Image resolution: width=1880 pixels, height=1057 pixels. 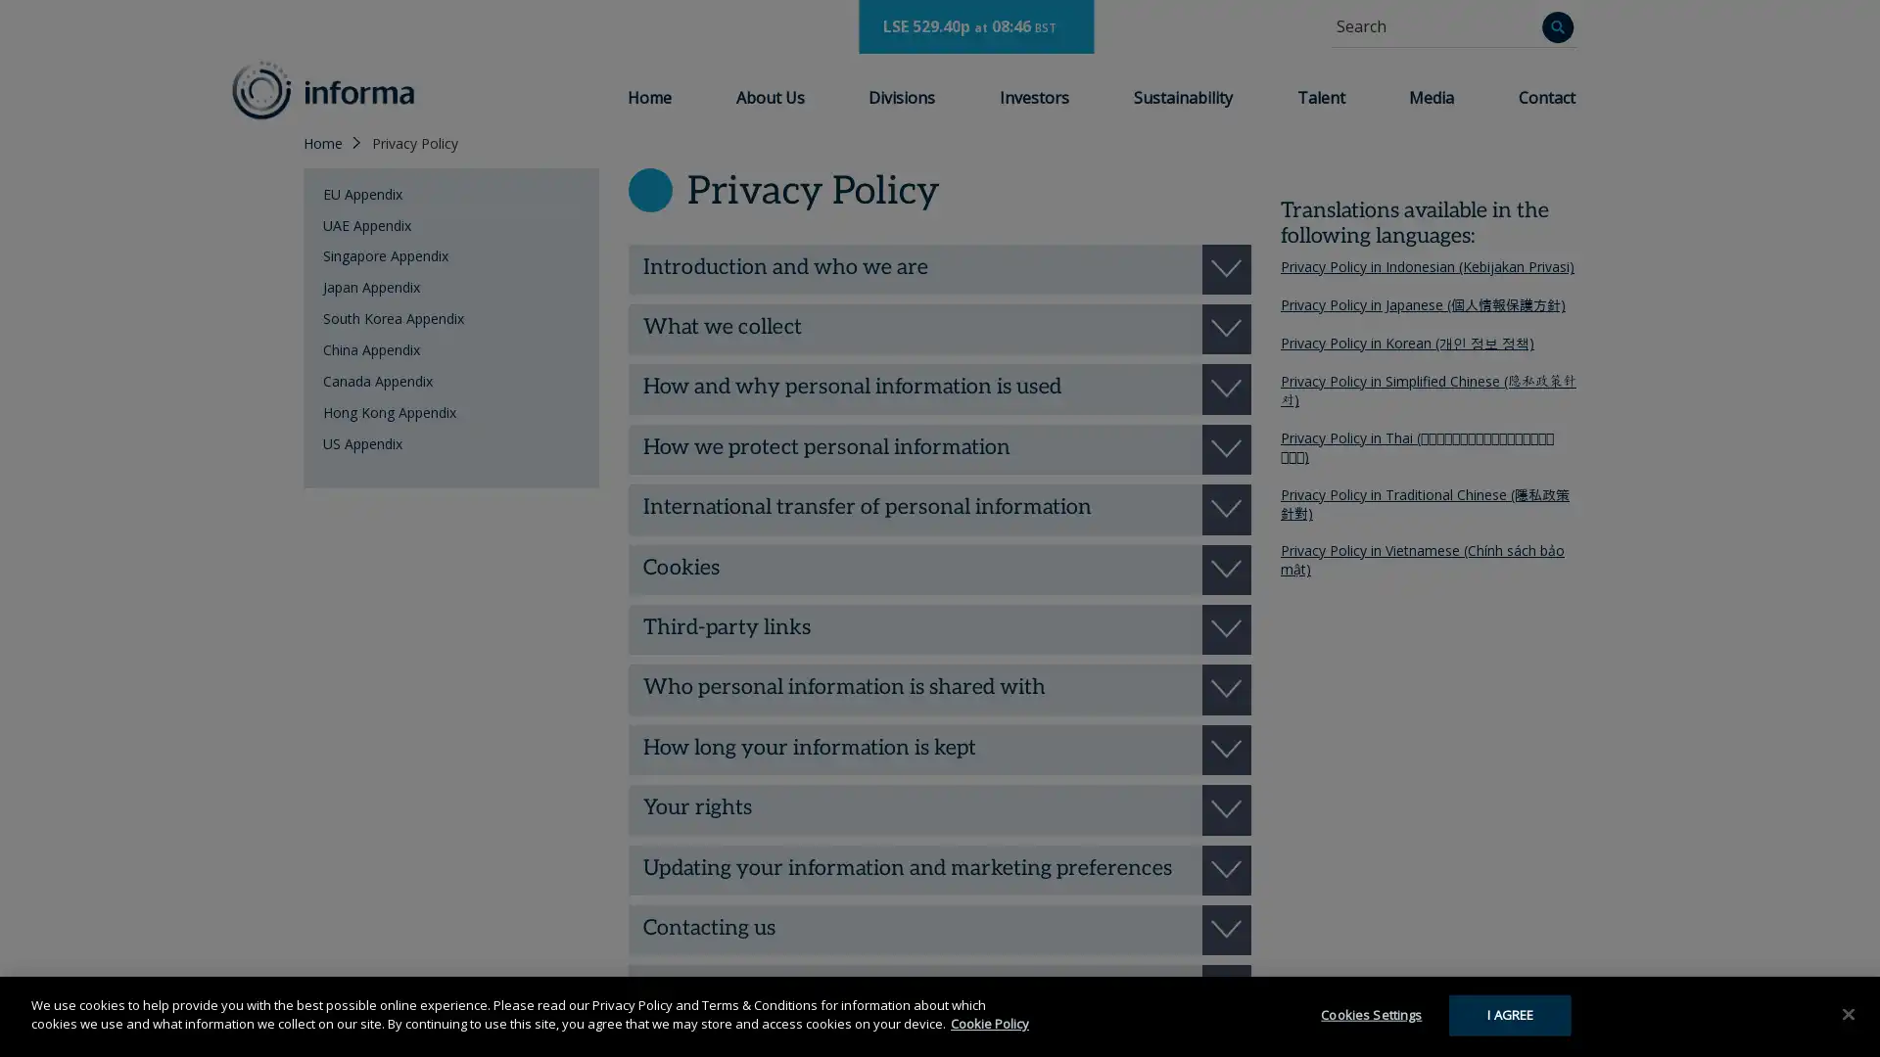 What do you see at coordinates (1370, 1014) in the screenshot?
I see `Cookies Settings` at bounding box center [1370, 1014].